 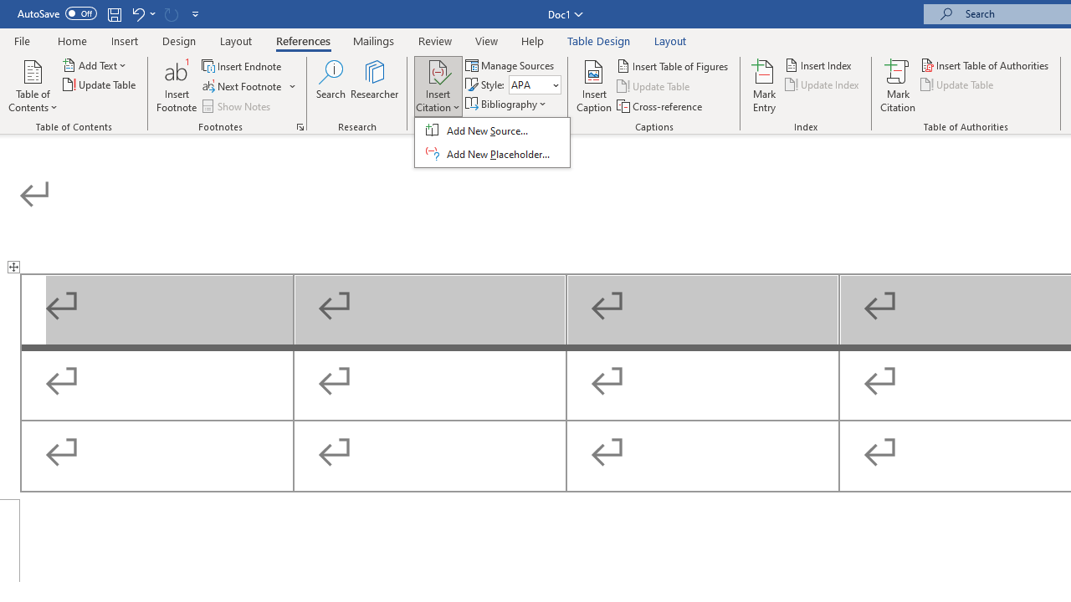 What do you see at coordinates (958, 84) in the screenshot?
I see `'Update Table'` at bounding box center [958, 84].